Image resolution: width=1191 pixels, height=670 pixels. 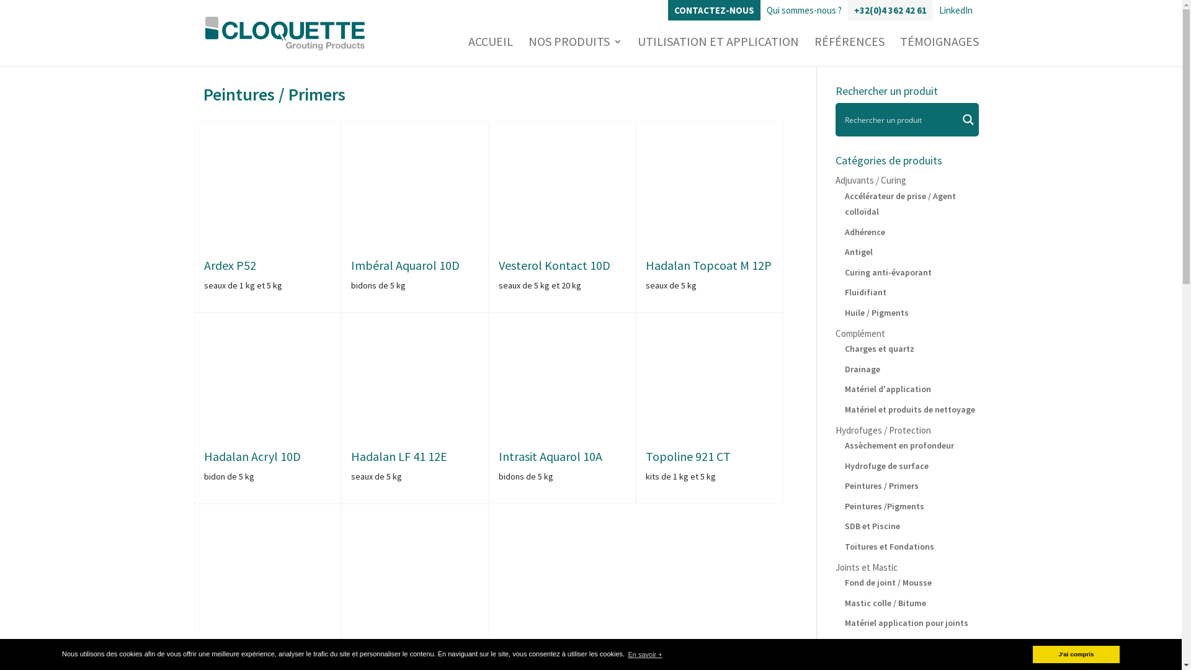 What do you see at coordinates (844, 311) in the screenshot?
I see `'Huile / Pigments'` at bounding box center [844, 311].